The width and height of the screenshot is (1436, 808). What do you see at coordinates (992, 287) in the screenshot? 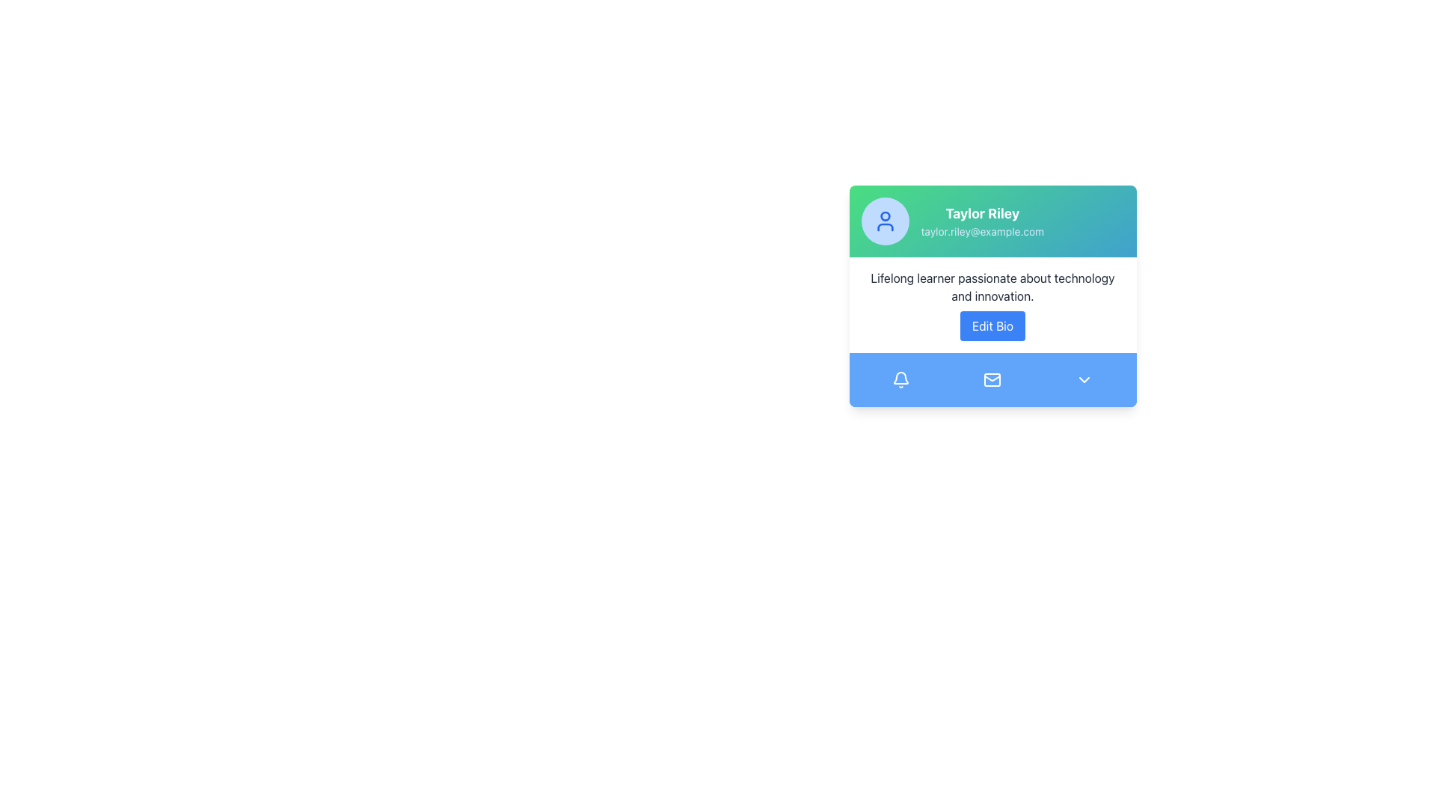
I see `the text component that displays the personal description of the profile owner, which is centrally located beneath the profile name and above the 'Edit Bio' button` at bounding box center [992, 287].